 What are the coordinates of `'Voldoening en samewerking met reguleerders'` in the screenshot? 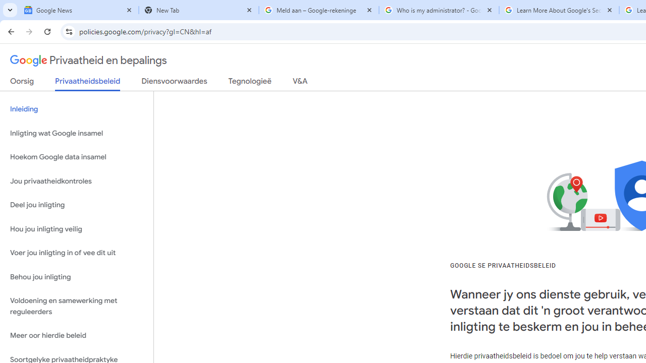 It's located at (76, 306).